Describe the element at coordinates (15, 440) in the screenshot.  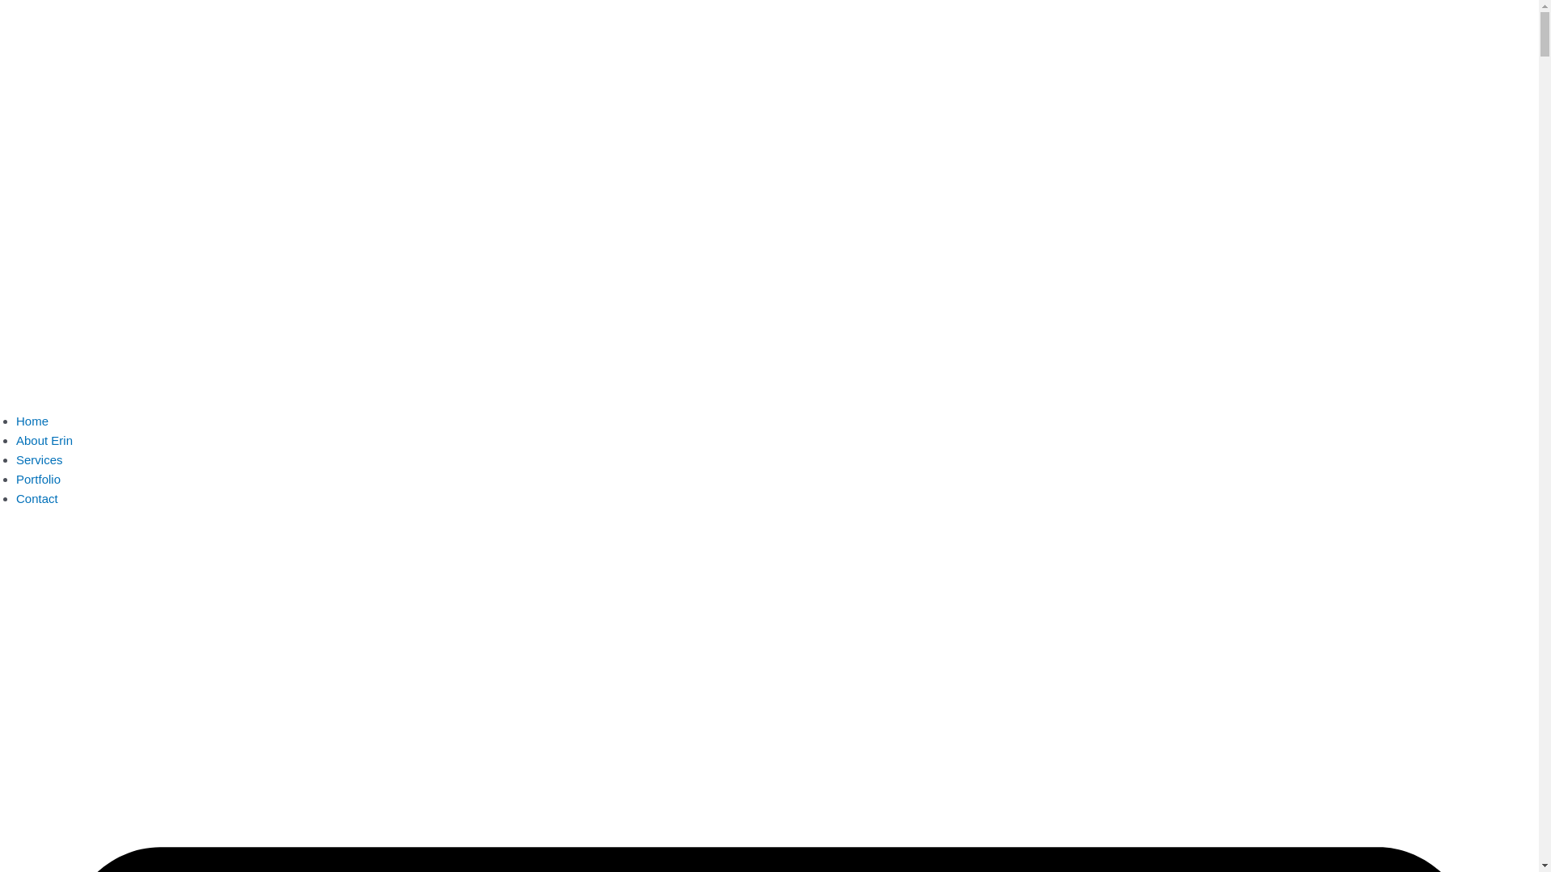
I see `'About Erin'` at that location.